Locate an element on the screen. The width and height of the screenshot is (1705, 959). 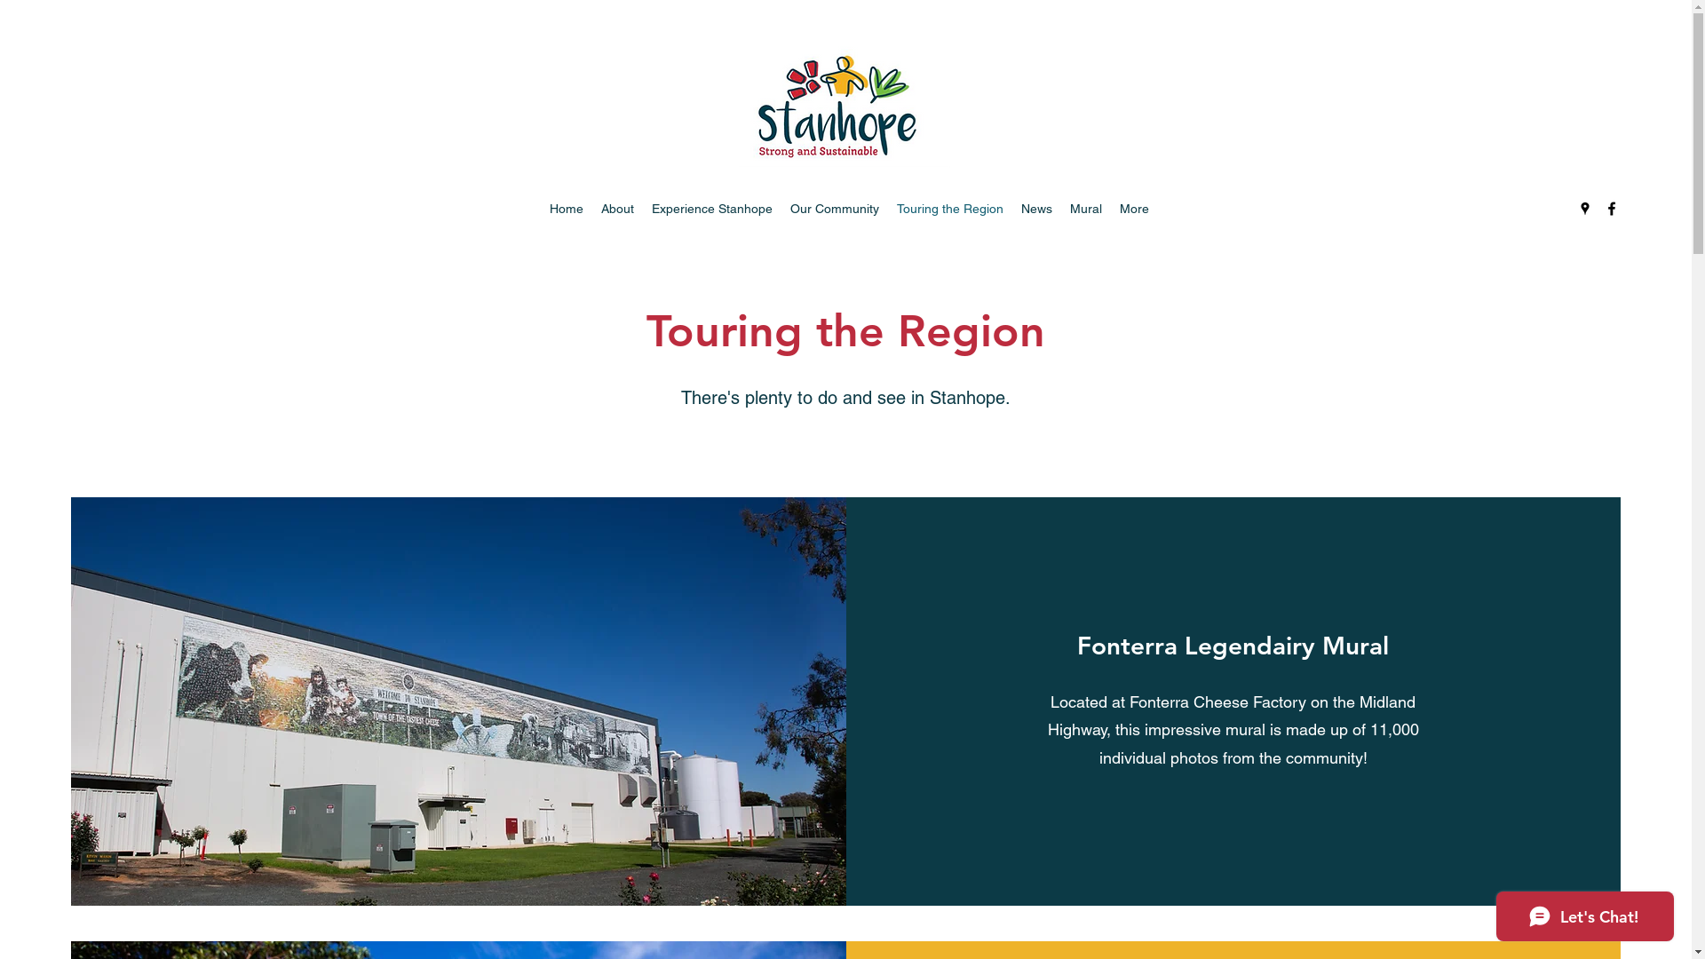
'Mural' is located at coordinates (1085, 208).